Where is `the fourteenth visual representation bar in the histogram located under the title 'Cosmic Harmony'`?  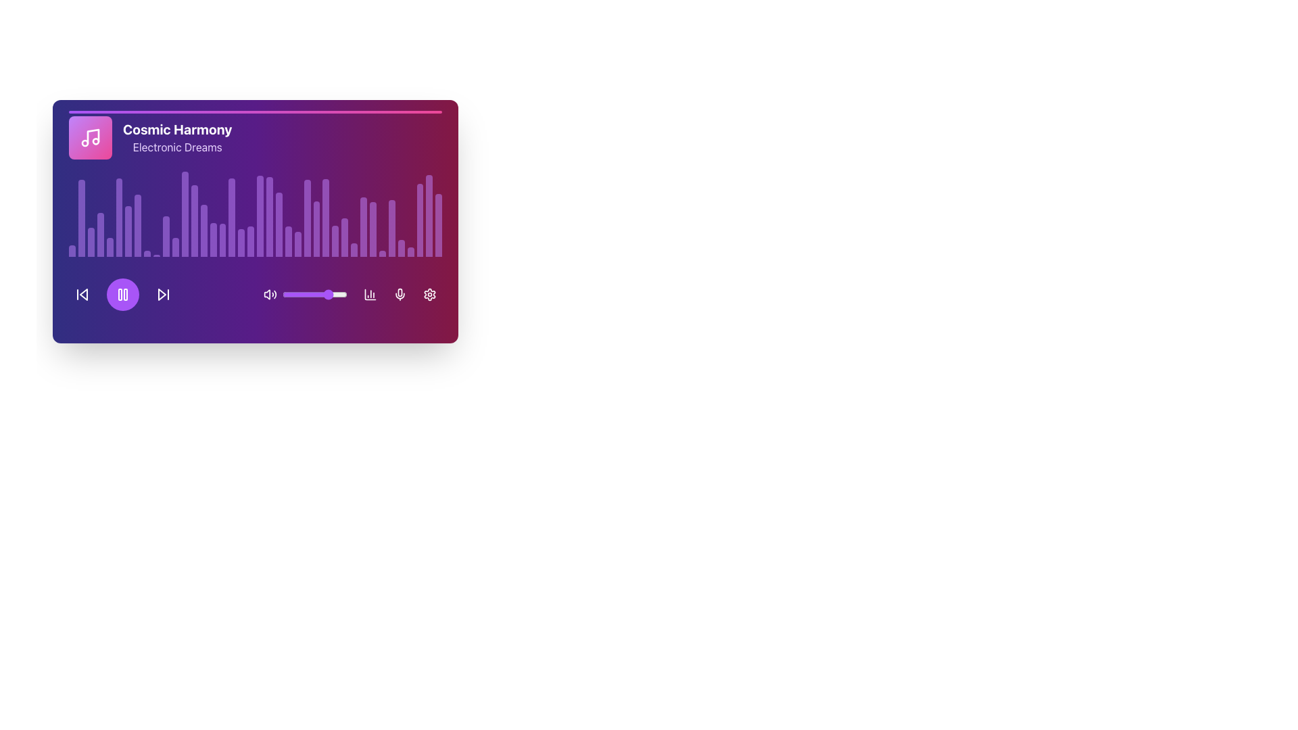
the fourteenth visual representation bar in the histogram located under the title 'Cosmic Harmony' is located at coordinates (193, 220).